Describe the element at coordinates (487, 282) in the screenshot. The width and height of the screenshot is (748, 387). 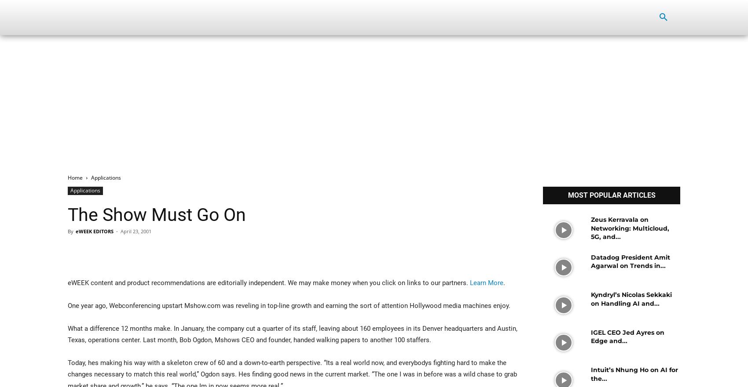
I see `'Learn More'` at that location.